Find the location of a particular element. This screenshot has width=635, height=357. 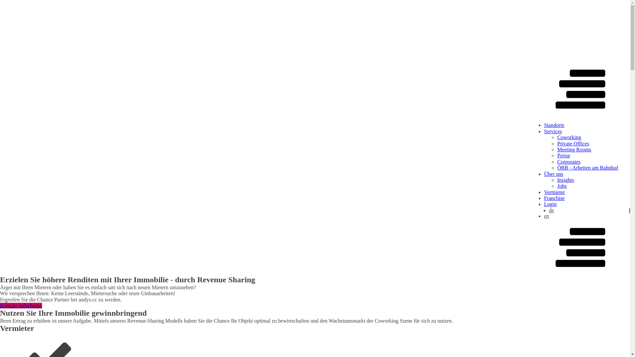

'Coworking' is located at coordinates (569, 137).